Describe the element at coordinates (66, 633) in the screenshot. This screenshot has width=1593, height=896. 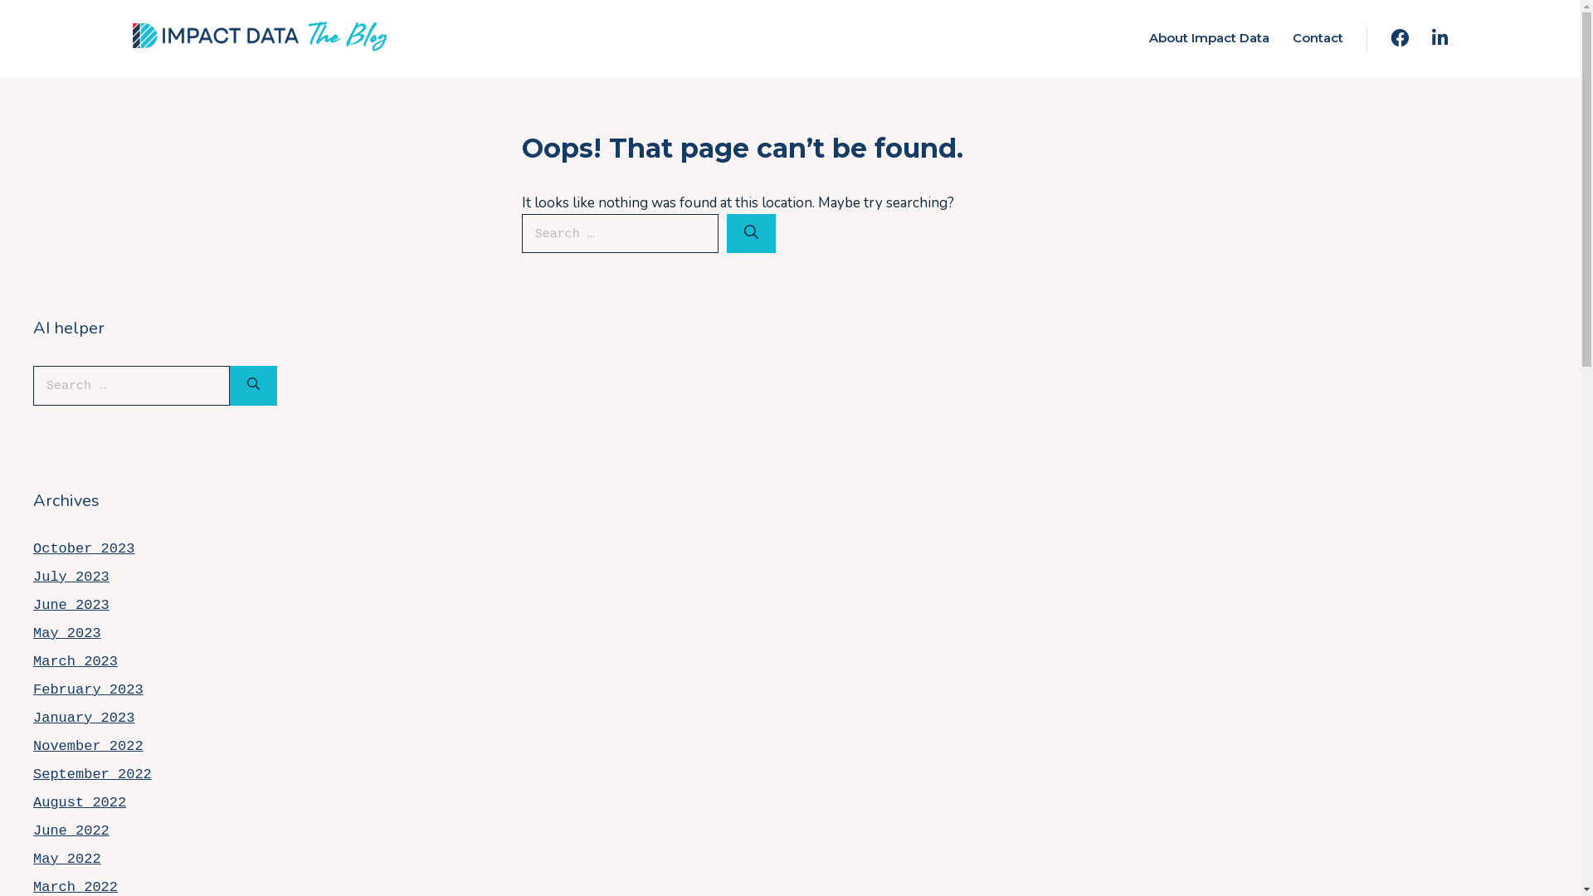
I see `'May 2023'` at that location.